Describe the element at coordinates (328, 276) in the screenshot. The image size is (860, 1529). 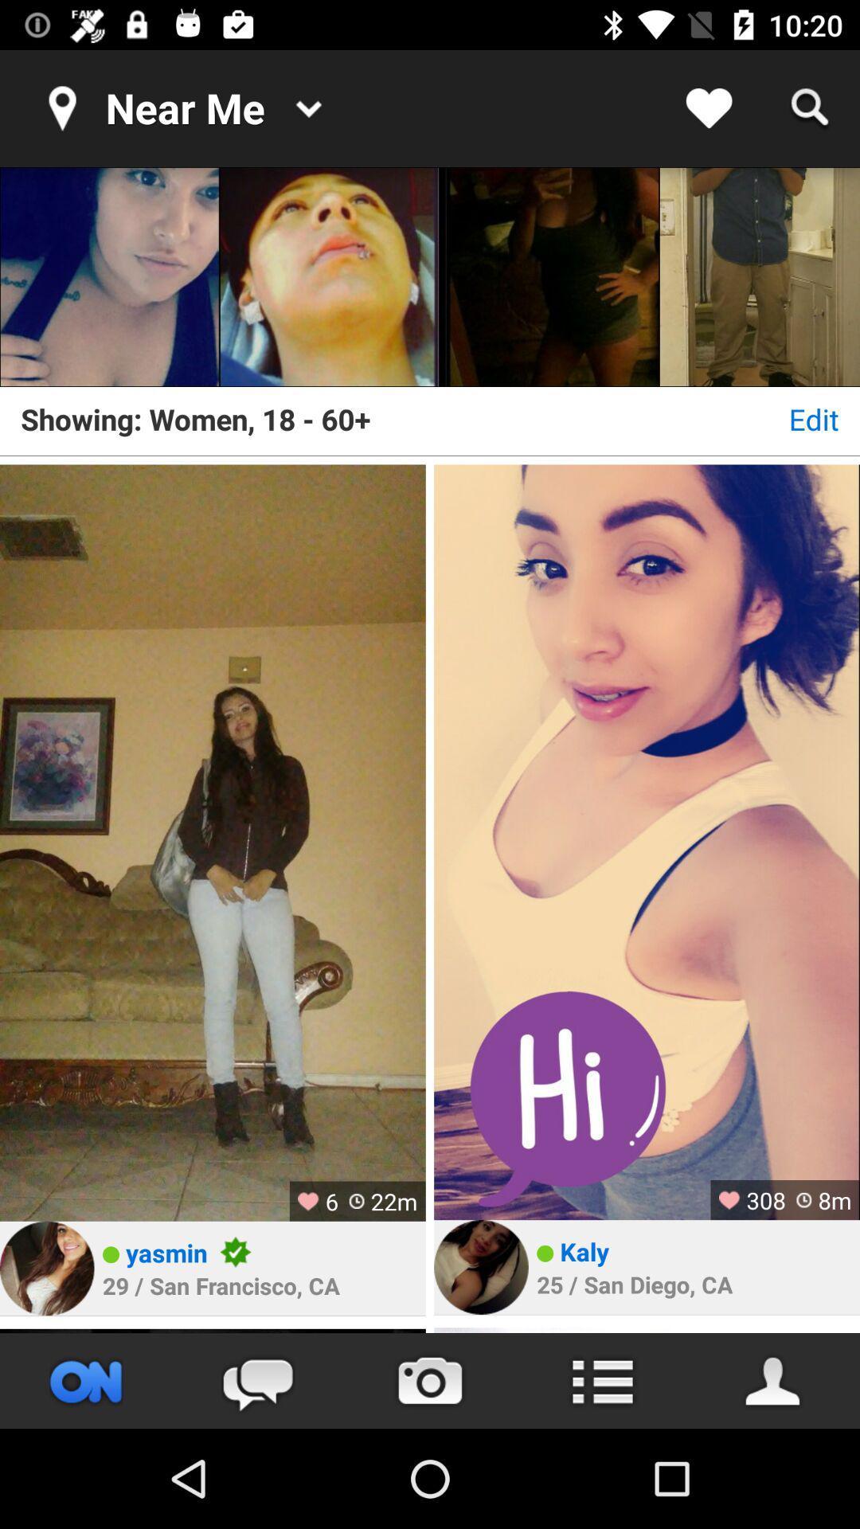
I see `person image` at that location.